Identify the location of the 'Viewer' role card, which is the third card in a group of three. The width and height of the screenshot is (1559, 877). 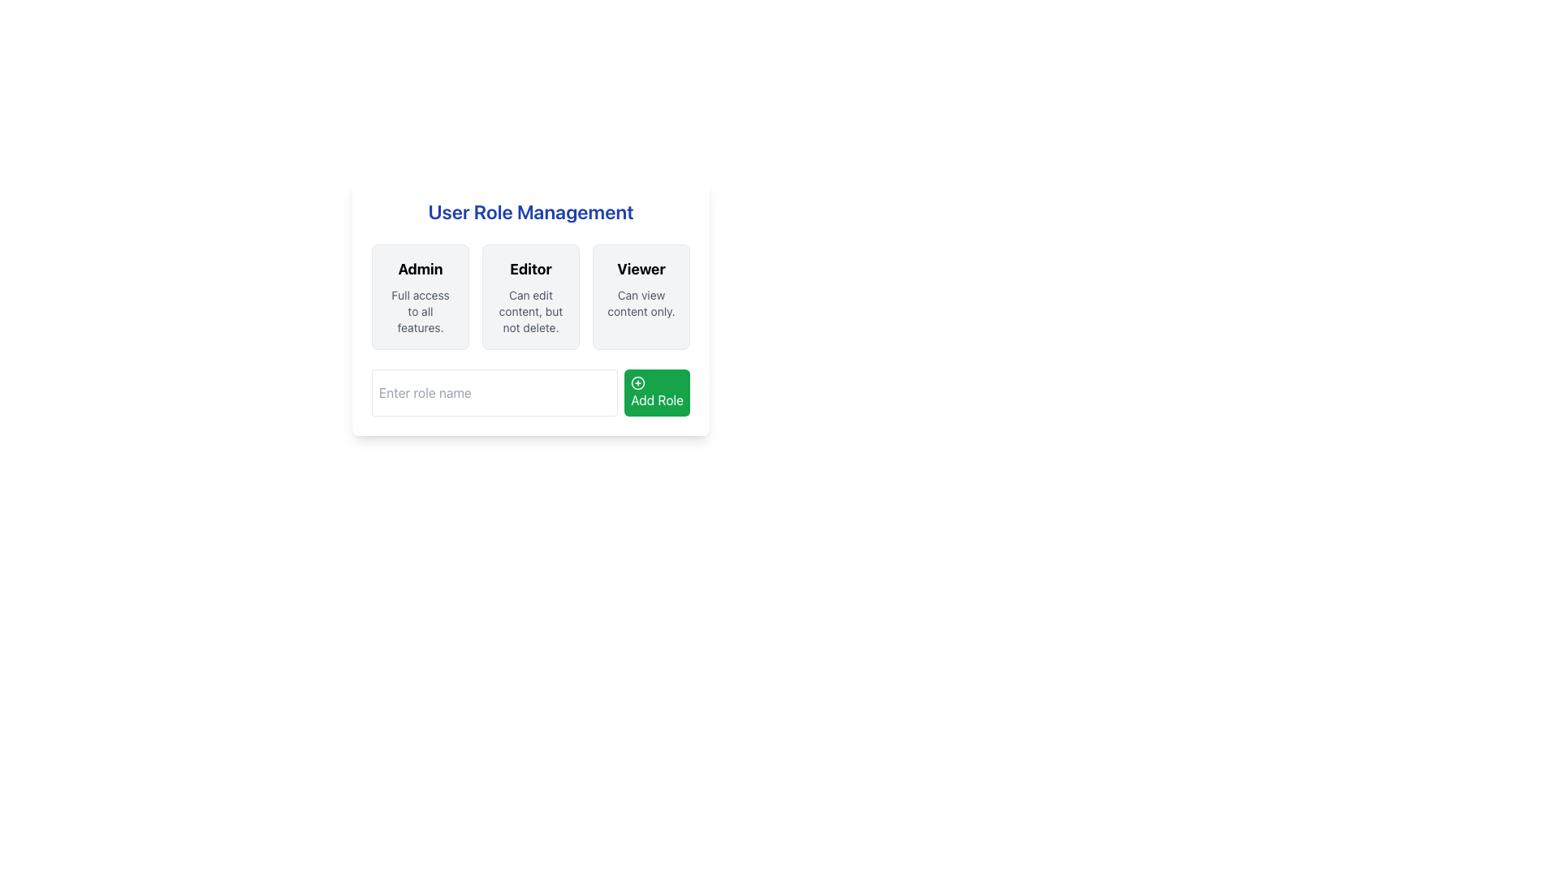
(641, 297).